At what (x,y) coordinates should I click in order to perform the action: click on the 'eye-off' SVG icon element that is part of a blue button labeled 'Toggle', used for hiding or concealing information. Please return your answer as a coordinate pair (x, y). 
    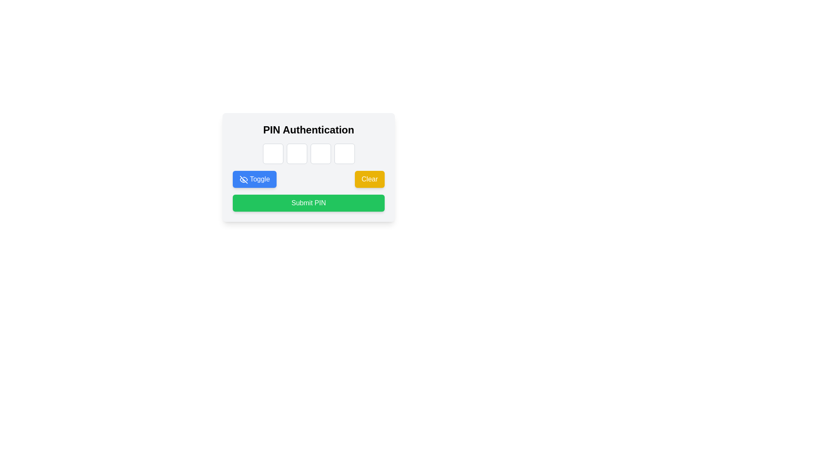
    Looking at the image, I should click on (243, 178).